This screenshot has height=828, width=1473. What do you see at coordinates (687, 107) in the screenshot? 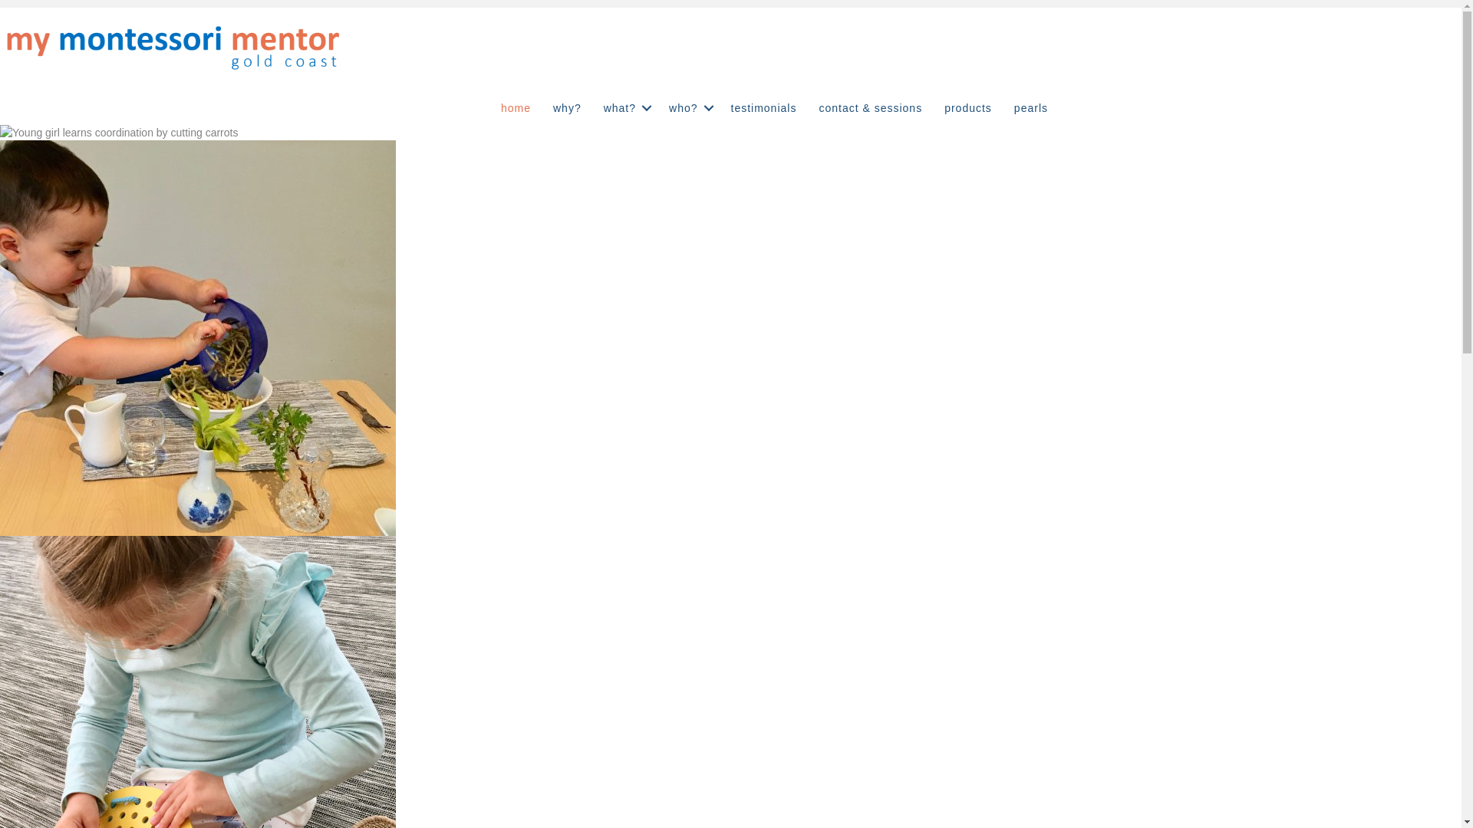
I see `'who?'` at bounding box center [687, 107].